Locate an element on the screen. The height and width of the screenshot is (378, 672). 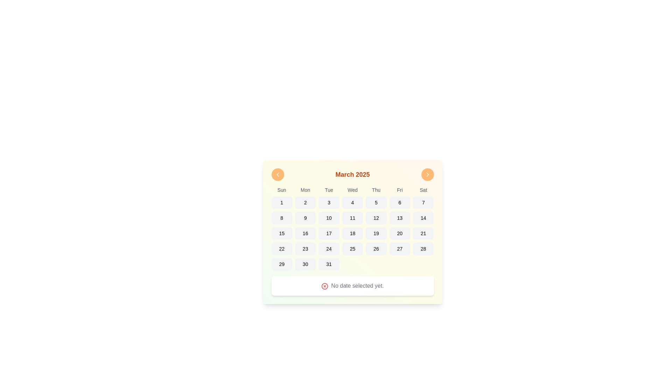
the button displaying '28' in bold, dark font located in the last row of the calendar grid under the 'Sat' column is located at coordinates (423, 248).